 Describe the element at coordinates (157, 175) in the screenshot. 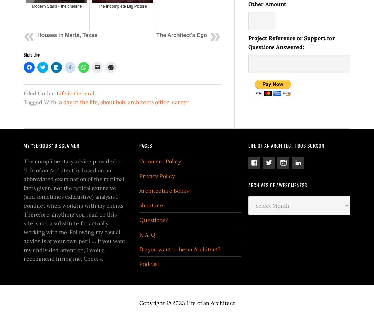

I see `'Privacy Policy'` at that location.